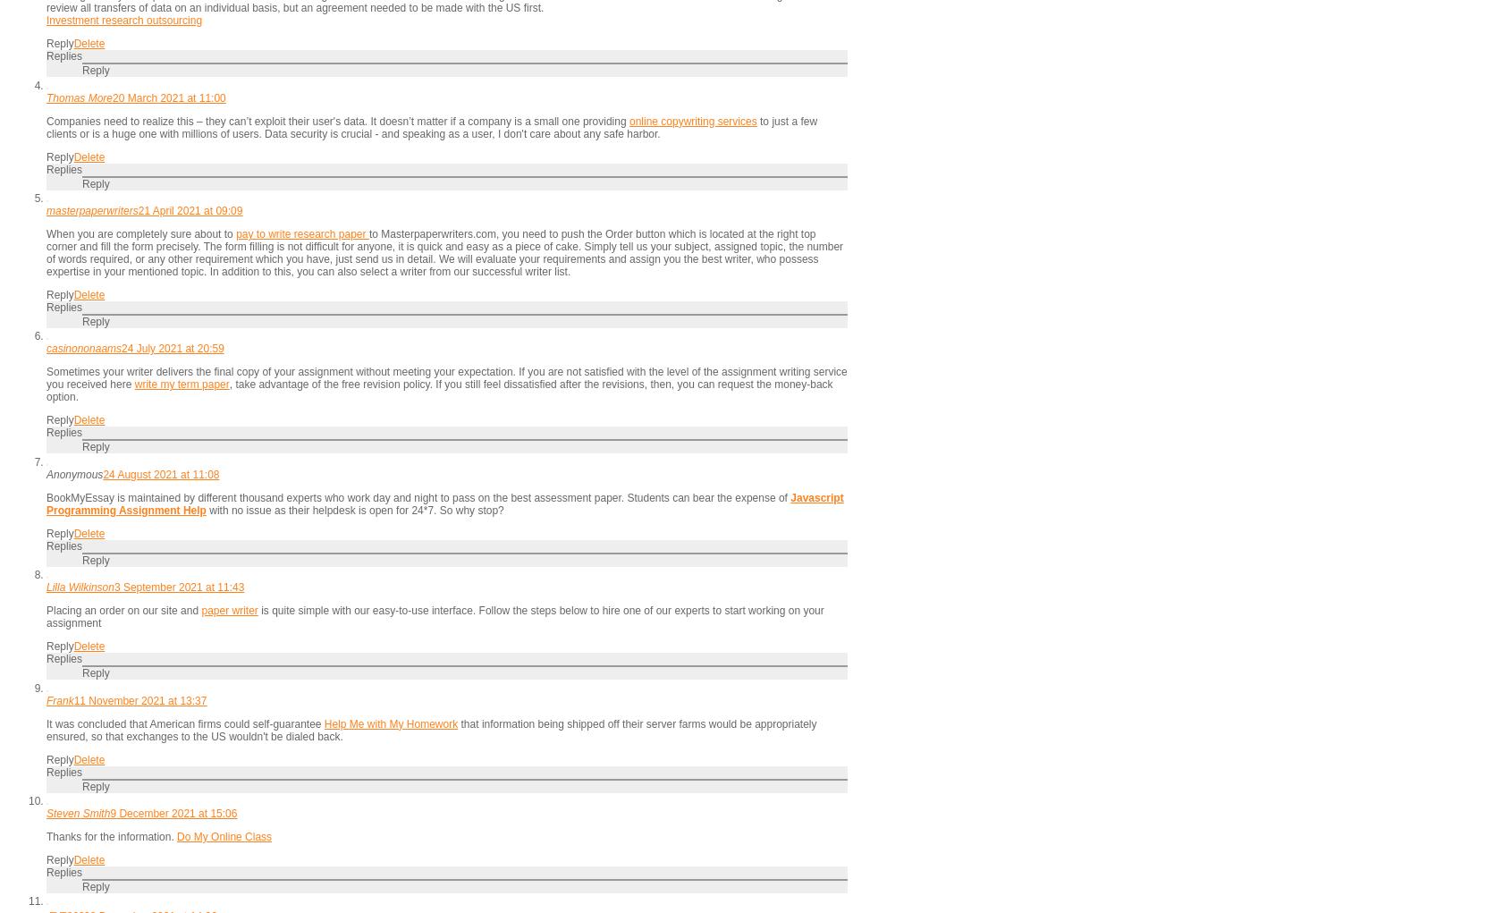  Describe the element at coordinates (160, 474) in the screenshot. I see `'24 August 2021 at 11:08'` at that location.